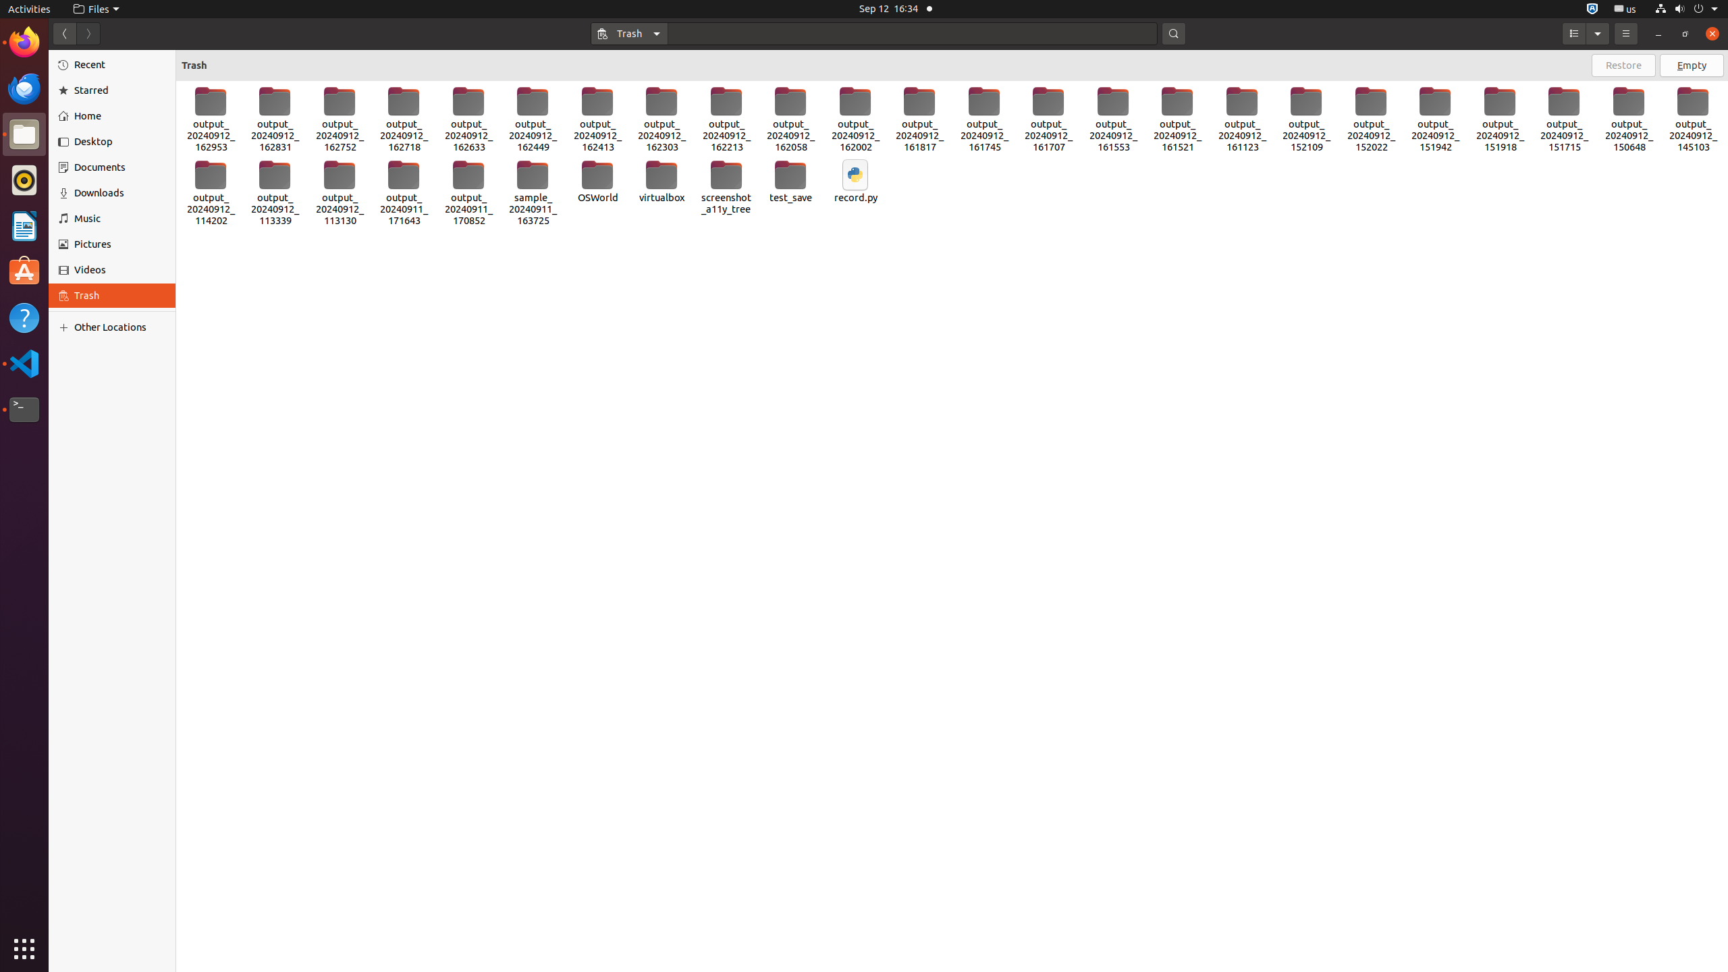 The height and width of the screenshot is (972, 1728). Describe the element at coordinates (1241, 119) in the screenshot. I see `'output_20240912_161123'` at that location.